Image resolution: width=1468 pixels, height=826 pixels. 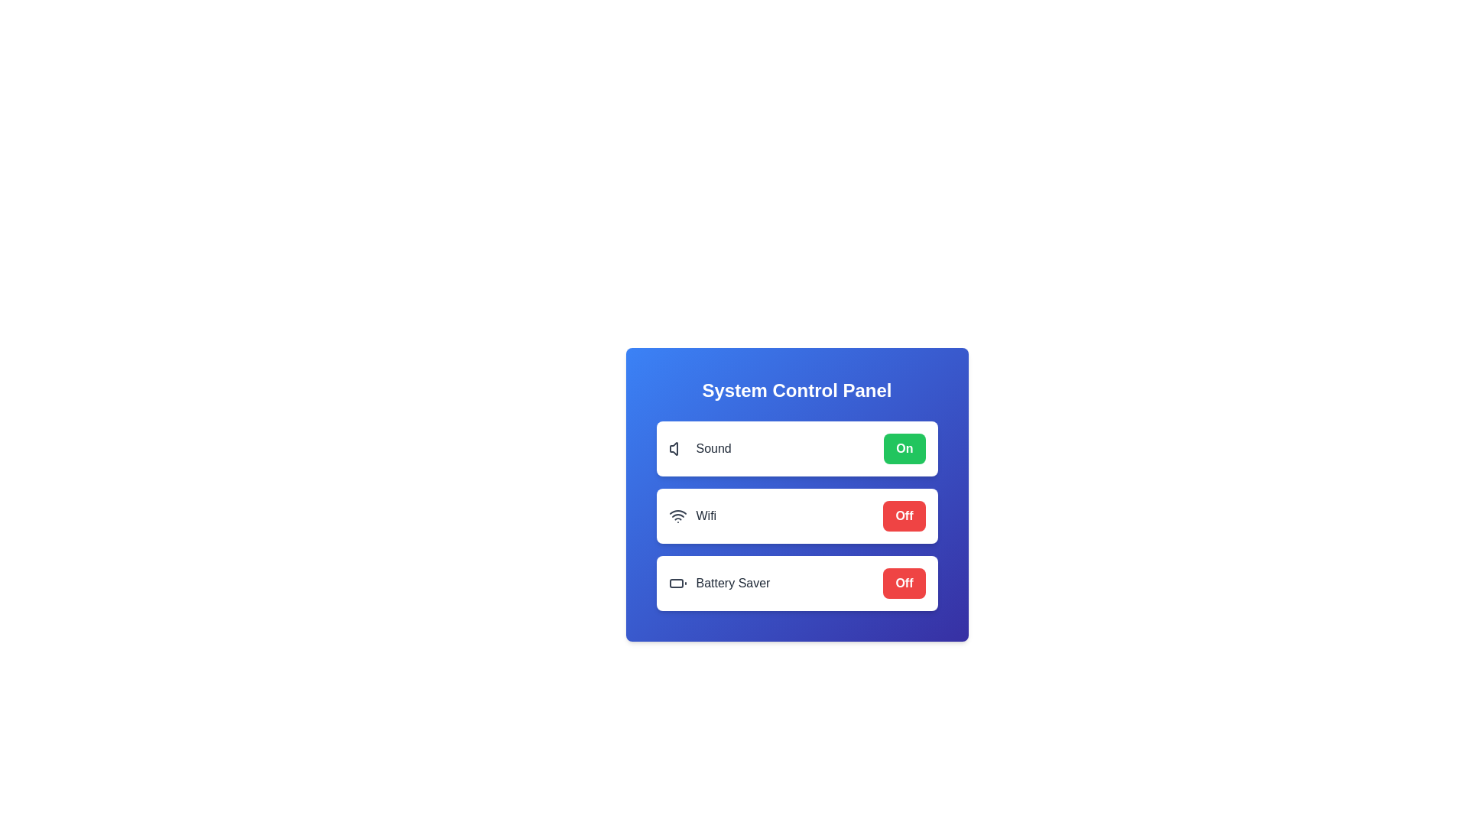 I want to click on the red 'Off' button for the WiFi setting to toggle it, so click(x=904, y=516).